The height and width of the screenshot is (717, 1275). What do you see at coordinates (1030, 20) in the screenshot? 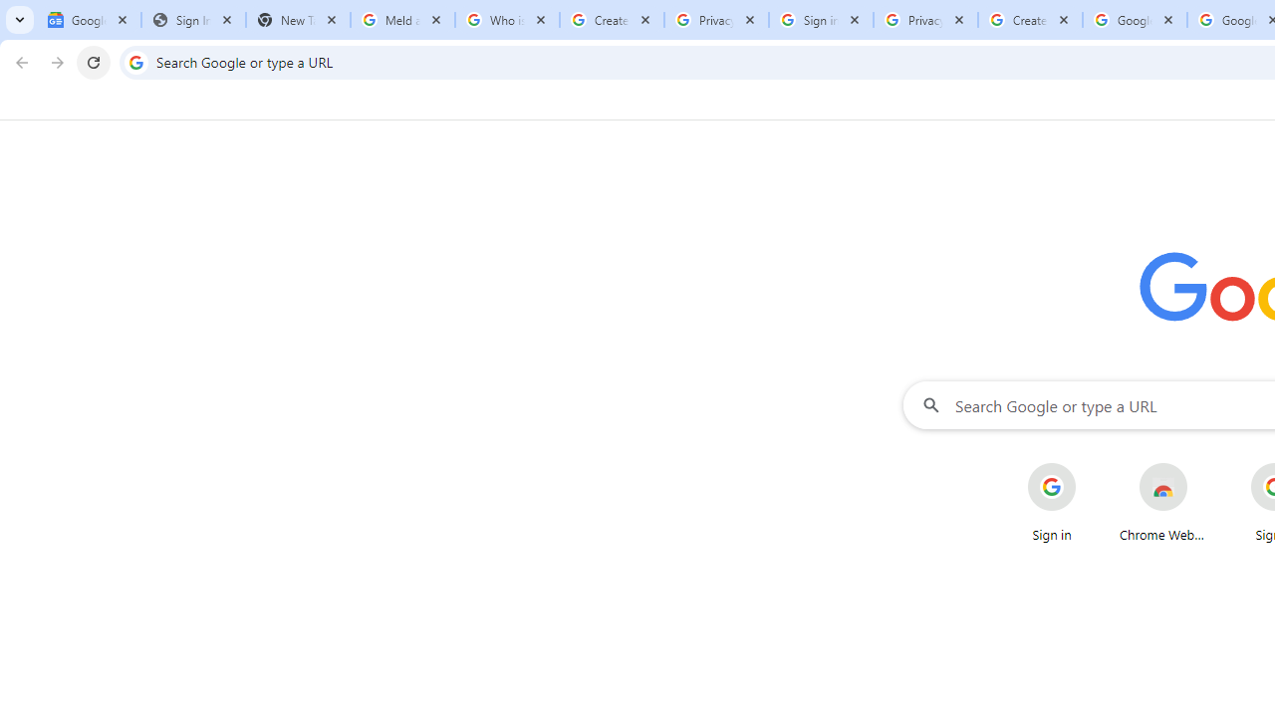
I see `'Create your Google Account'` at bounding box center [1030, 20].